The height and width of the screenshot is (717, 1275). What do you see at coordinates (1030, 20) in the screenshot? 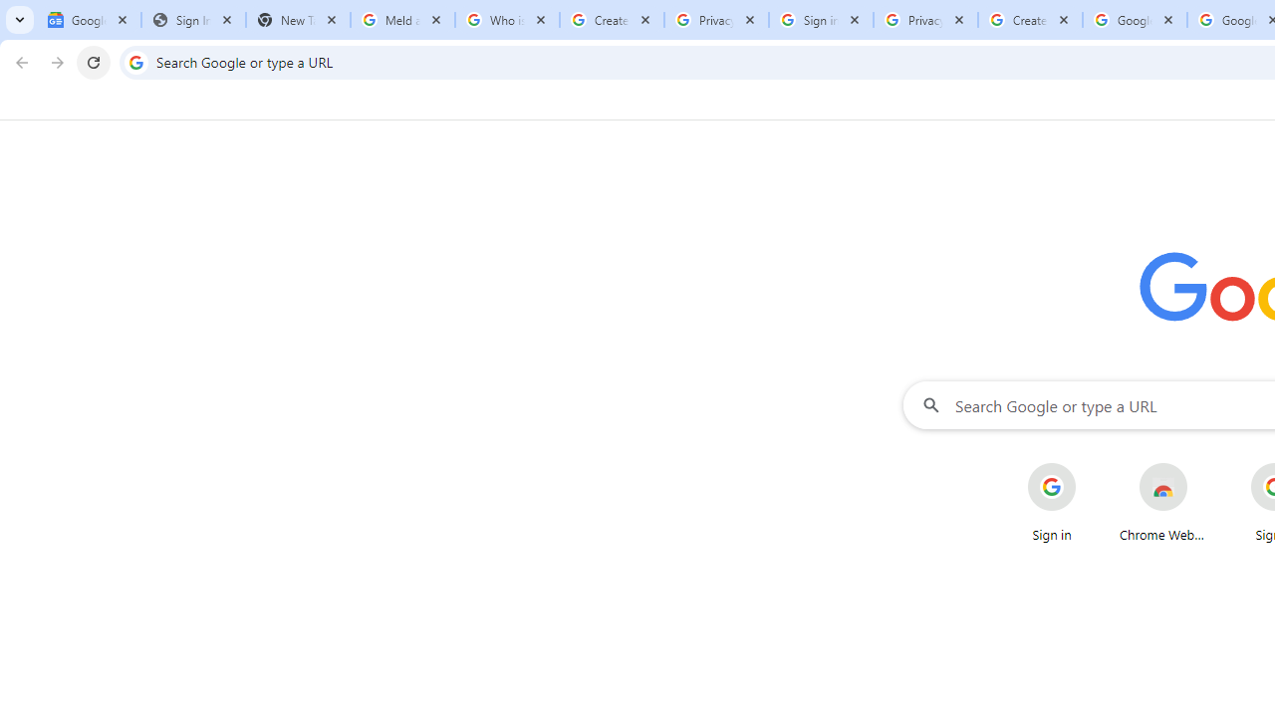
I see `'Create your Google Account'` at bounding box center [1030, 20].